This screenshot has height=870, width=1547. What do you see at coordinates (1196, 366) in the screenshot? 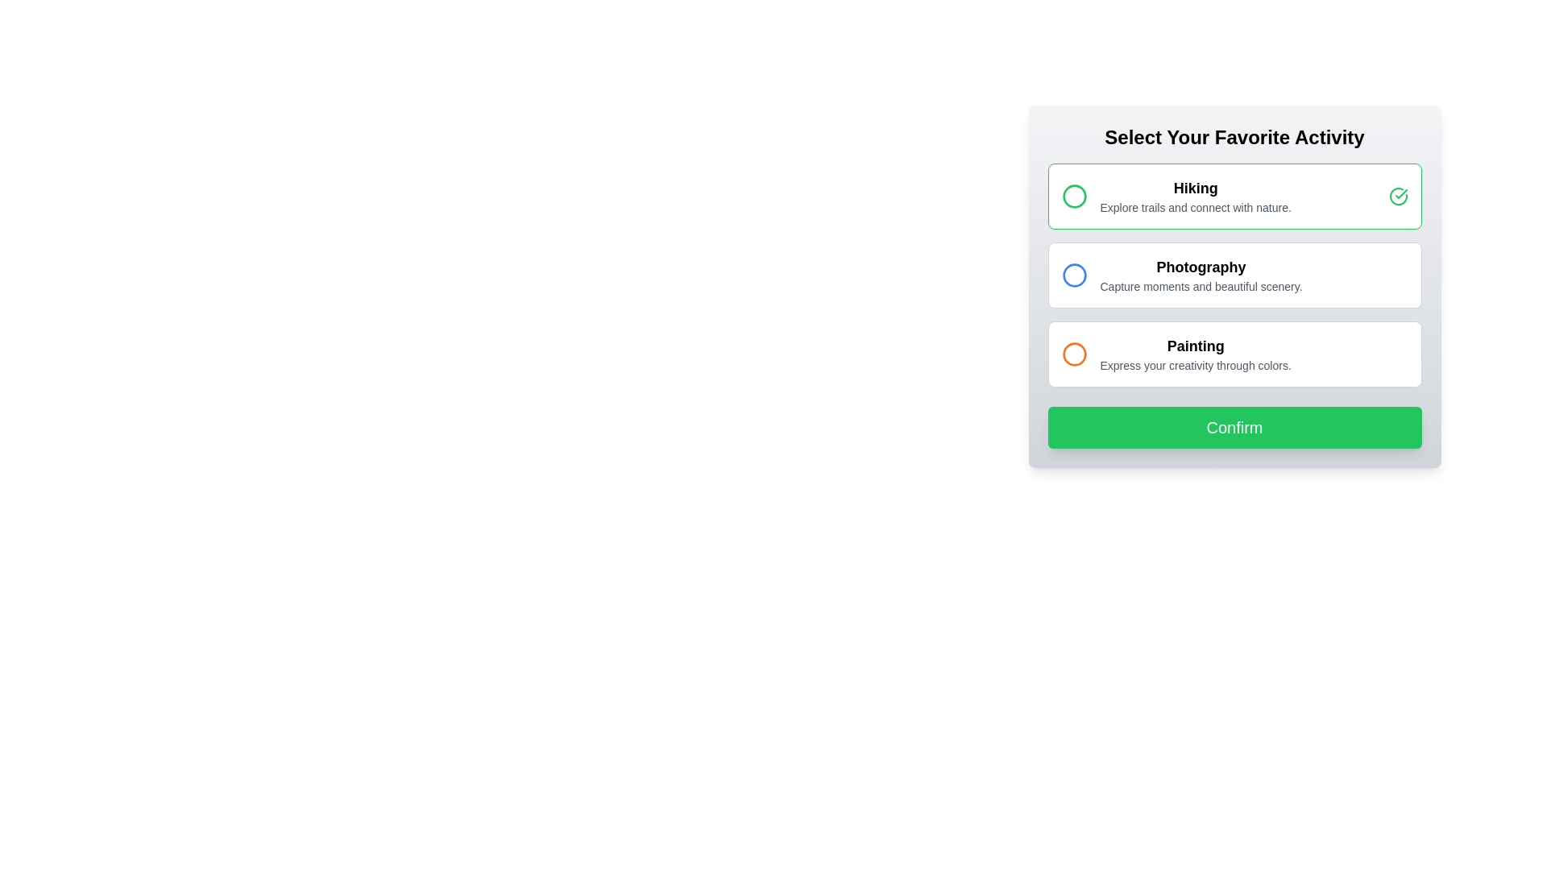
I see `the static text label that reads 'Express your creativity through colors.', which is positioned below the title 'Painting' in the third option group of the vertical list` at bounding box center [1196, 366].